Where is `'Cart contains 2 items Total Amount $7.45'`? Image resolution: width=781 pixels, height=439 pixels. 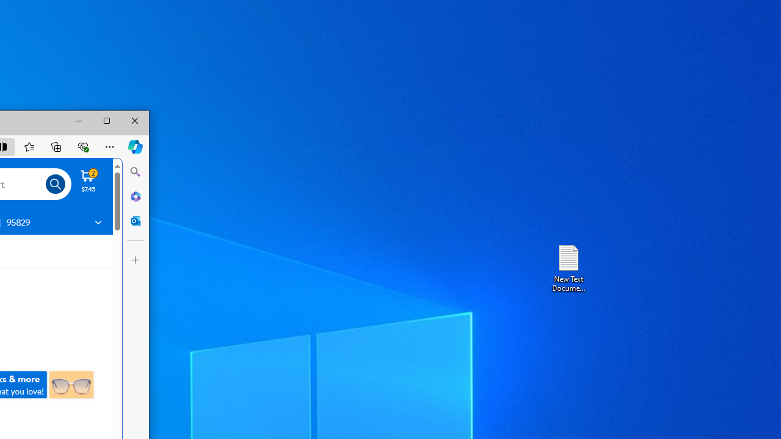
'Cart contains 2 items Total Amount $7.45' is located at coordinates (88, 180).